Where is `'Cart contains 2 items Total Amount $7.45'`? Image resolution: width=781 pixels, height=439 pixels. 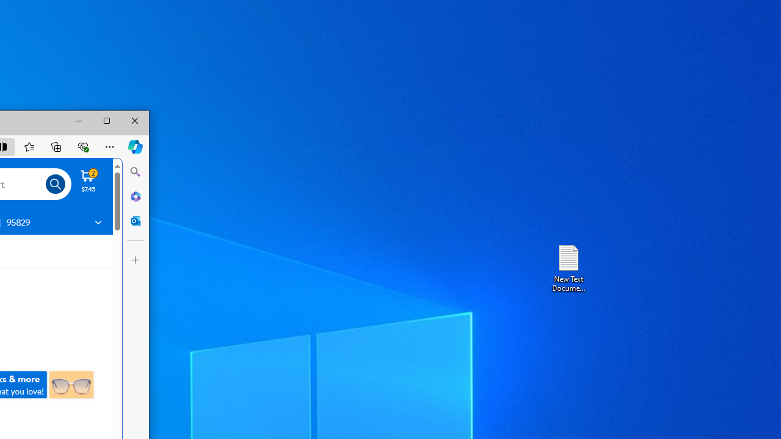
'Cart contains 2 items Total Amount $7.45' is located at coordinates (88, 180).